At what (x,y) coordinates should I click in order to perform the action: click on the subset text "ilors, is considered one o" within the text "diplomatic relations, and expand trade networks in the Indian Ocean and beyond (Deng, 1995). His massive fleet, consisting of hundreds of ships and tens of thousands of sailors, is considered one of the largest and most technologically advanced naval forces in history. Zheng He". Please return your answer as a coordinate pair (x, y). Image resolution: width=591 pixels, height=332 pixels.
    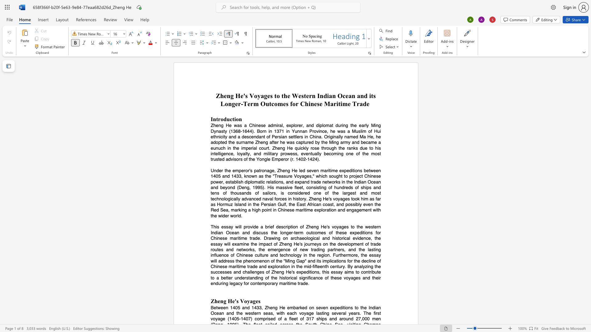
    Looking at the image, I should click on (267, 193).